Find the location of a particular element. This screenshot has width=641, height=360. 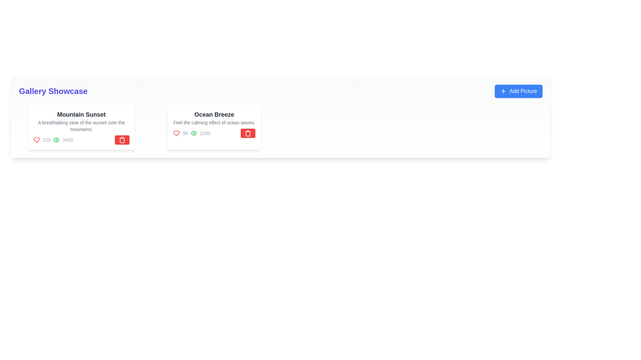

the heart icon in the second card titled 'Ocean Breeze' is located at coordinates (177, 133).